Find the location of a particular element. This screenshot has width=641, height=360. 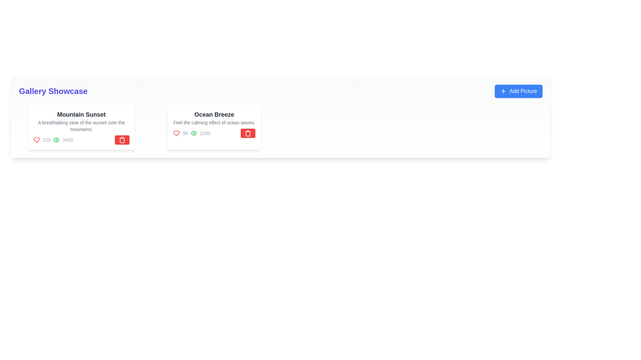

the heart icon in the second card titled 'Ocean Breeze' is located at coordinates (177, 133).